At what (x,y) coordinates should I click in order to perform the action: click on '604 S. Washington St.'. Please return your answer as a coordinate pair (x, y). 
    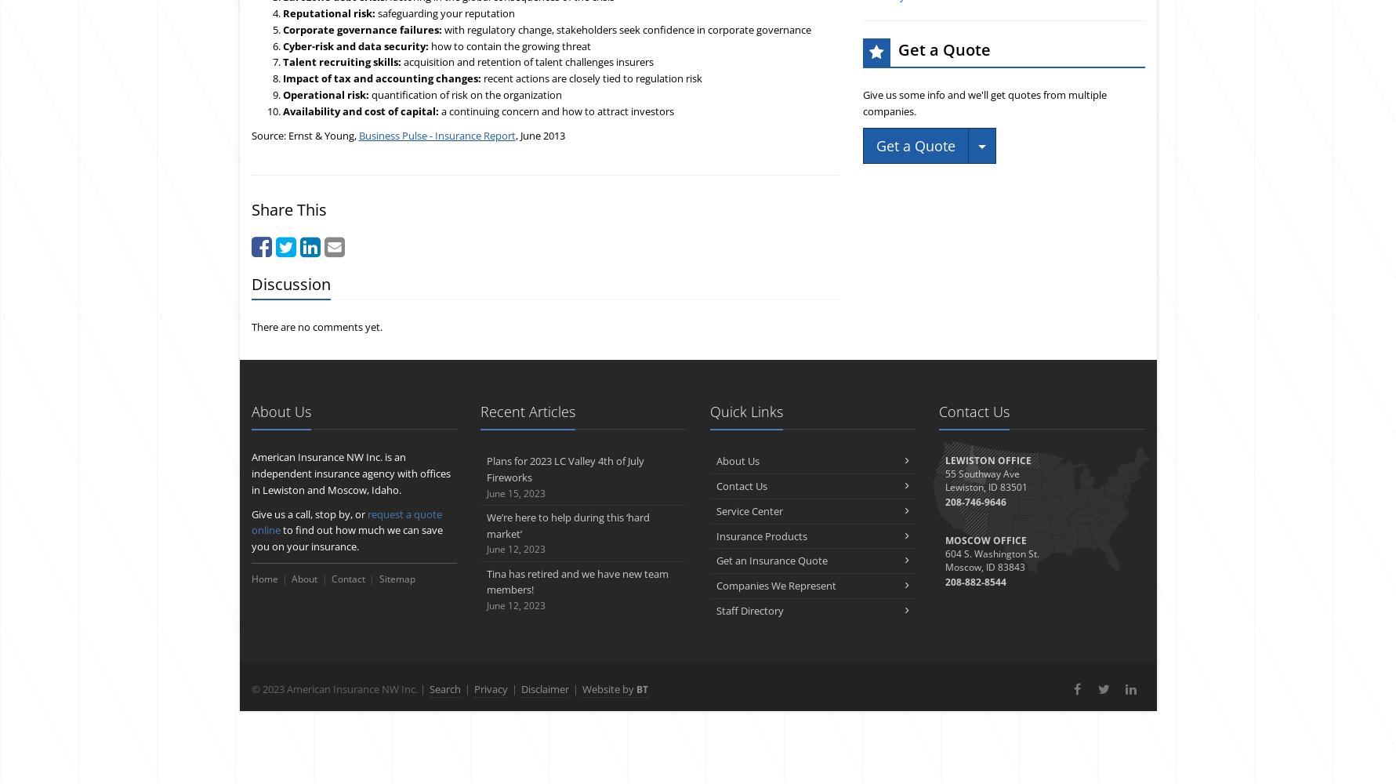
    Looking at the image, I should click on (991, 553).